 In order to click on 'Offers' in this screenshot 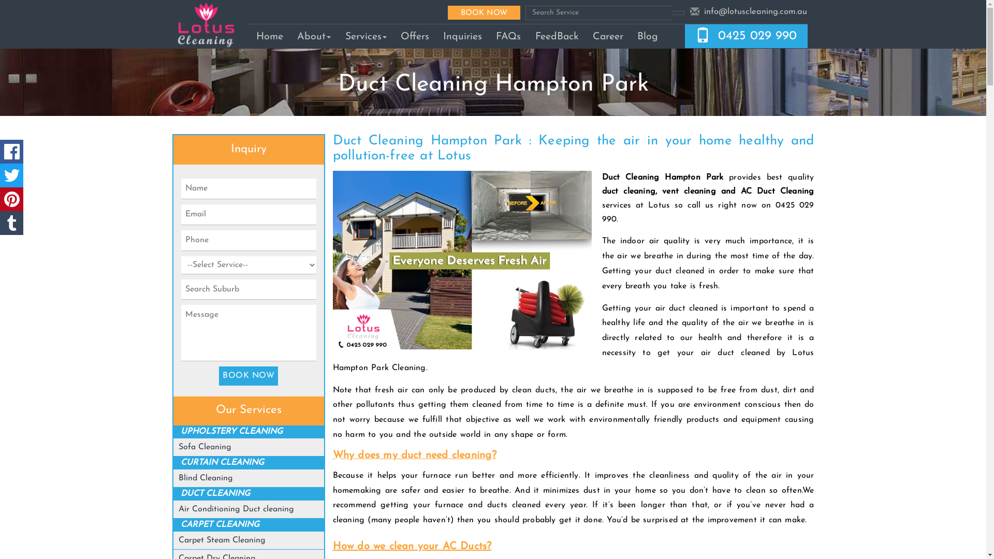, I will do `click(415, 36)`.